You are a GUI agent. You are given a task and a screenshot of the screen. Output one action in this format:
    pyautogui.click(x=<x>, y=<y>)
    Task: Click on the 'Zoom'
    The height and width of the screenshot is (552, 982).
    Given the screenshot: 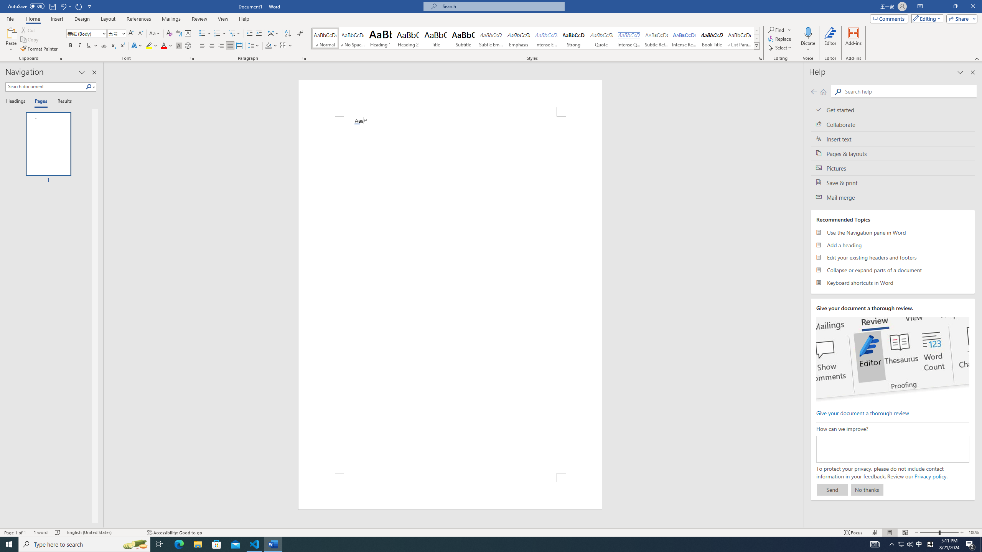 What is the action you would take?
    pyautogui.click(x=939, y=532)
    